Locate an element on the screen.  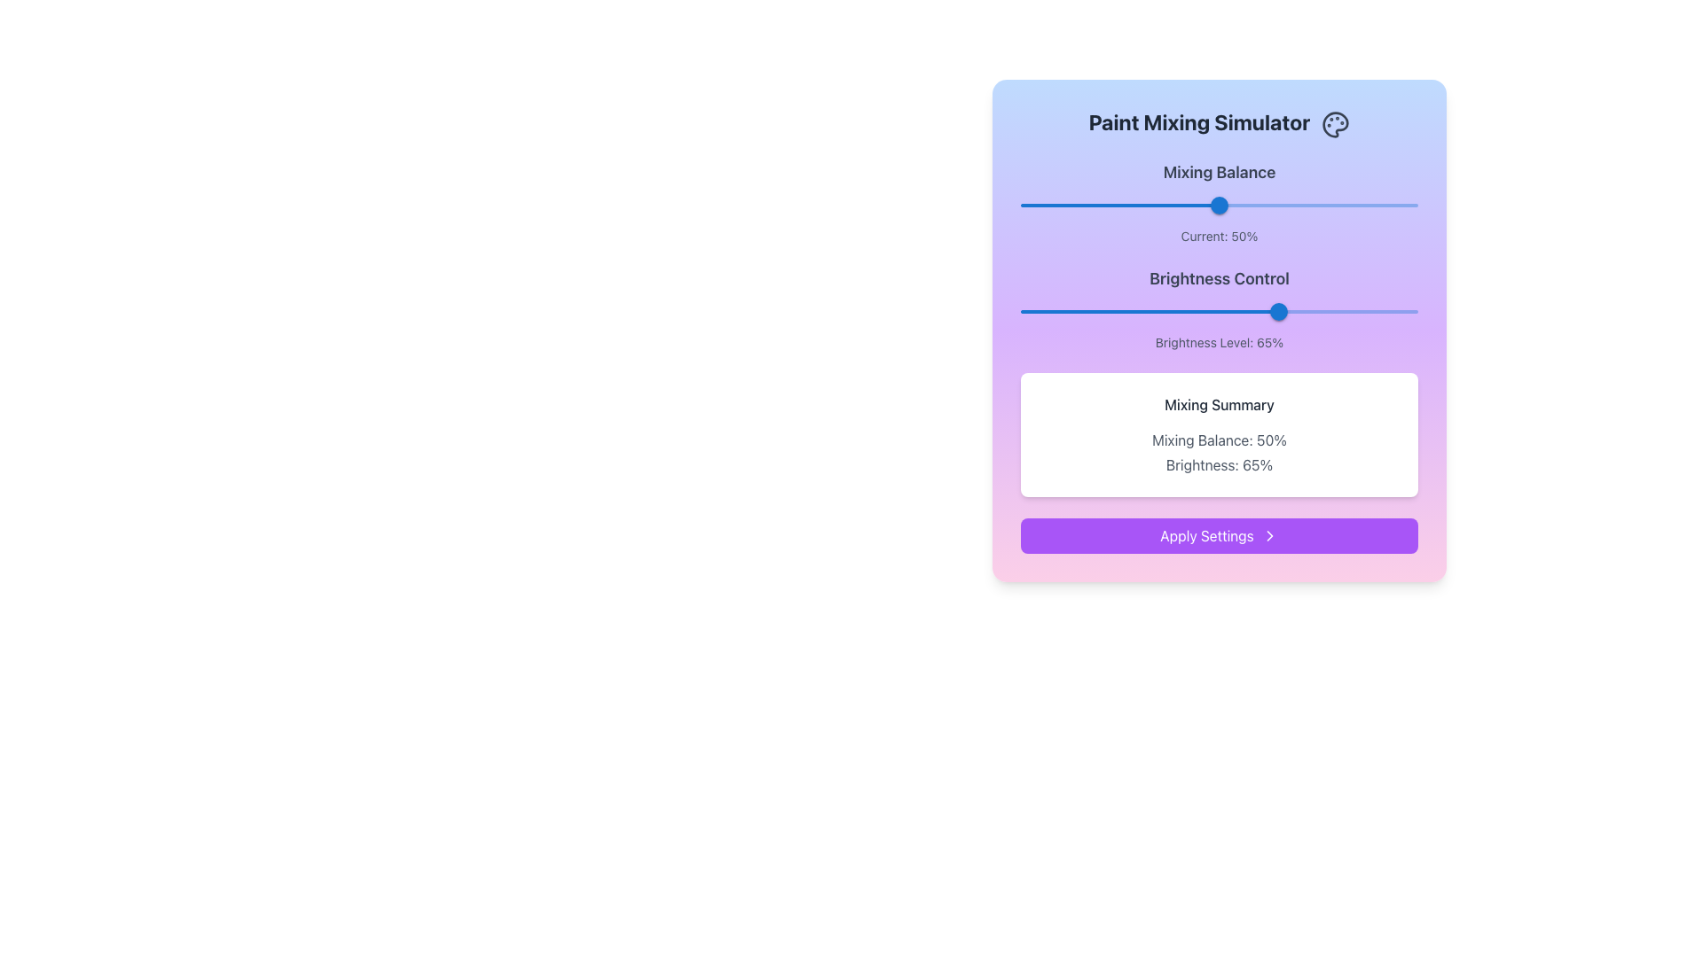
the Mixing Balance slider is located at coordinates (1373, 204).